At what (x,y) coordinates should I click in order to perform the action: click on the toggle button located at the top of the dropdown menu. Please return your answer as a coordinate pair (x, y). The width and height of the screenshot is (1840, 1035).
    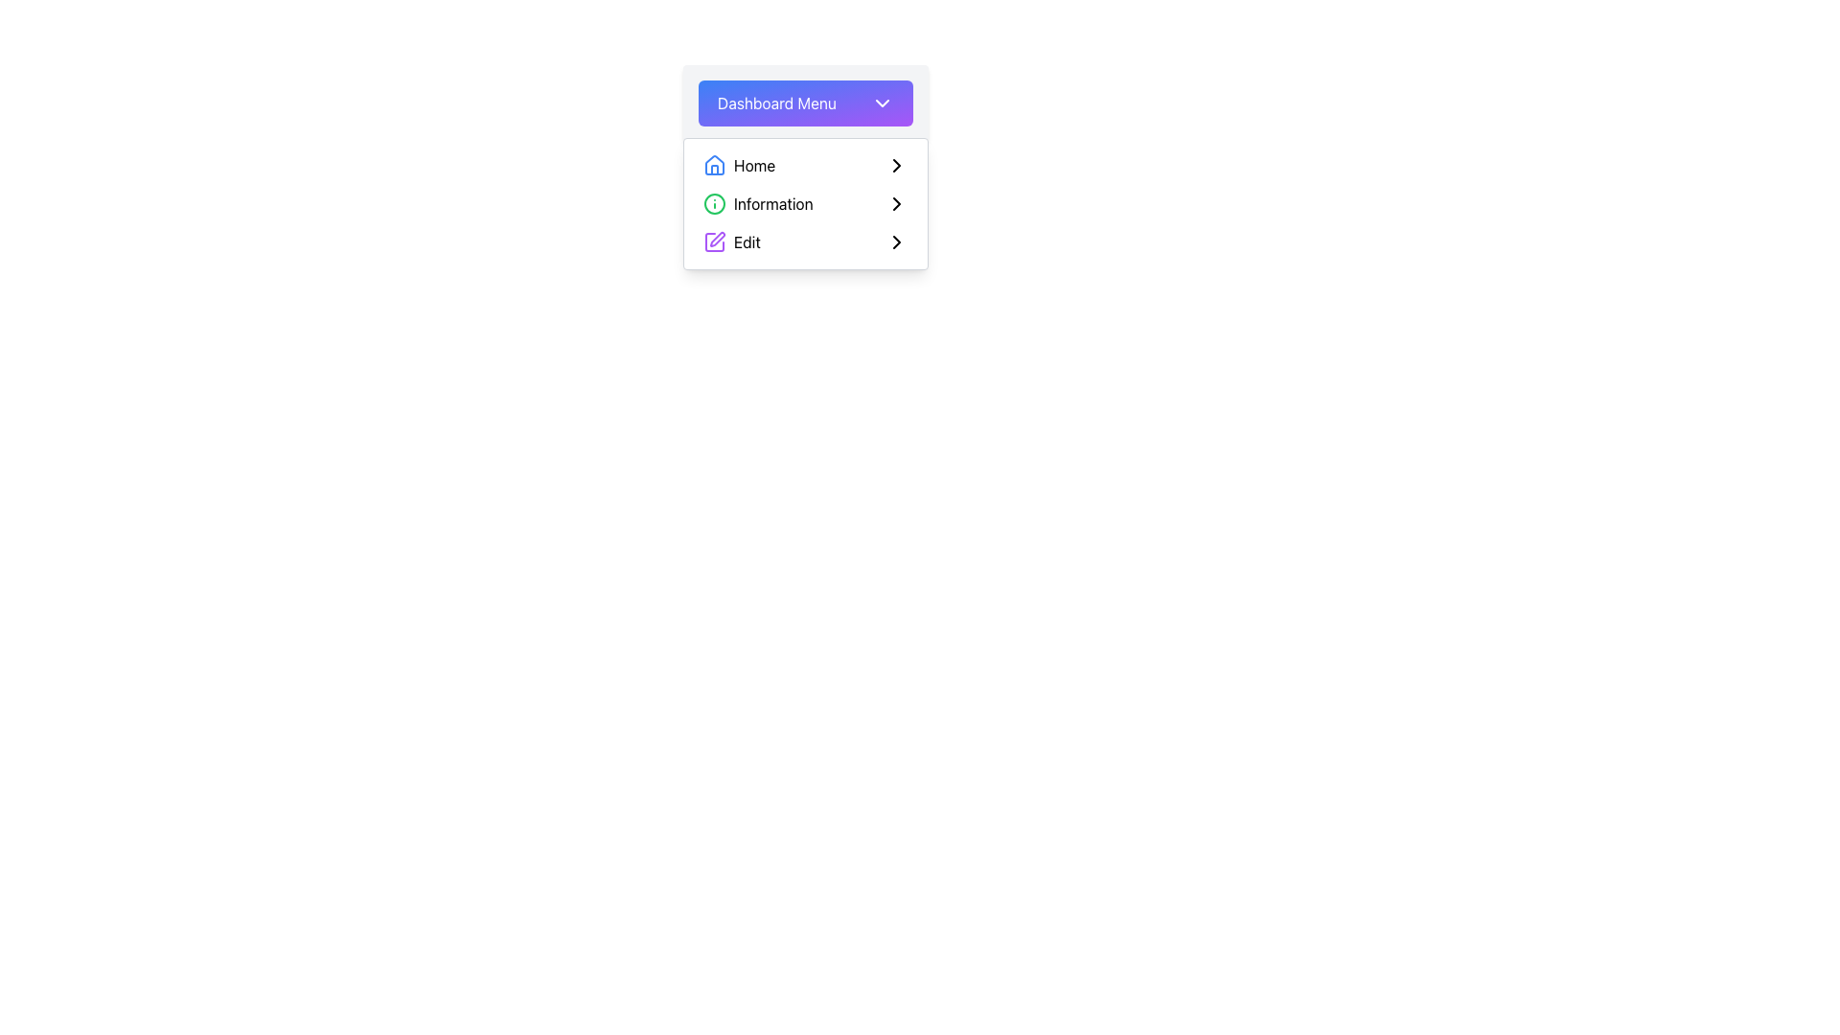
    Looking at the image, I should click on (805, 103).